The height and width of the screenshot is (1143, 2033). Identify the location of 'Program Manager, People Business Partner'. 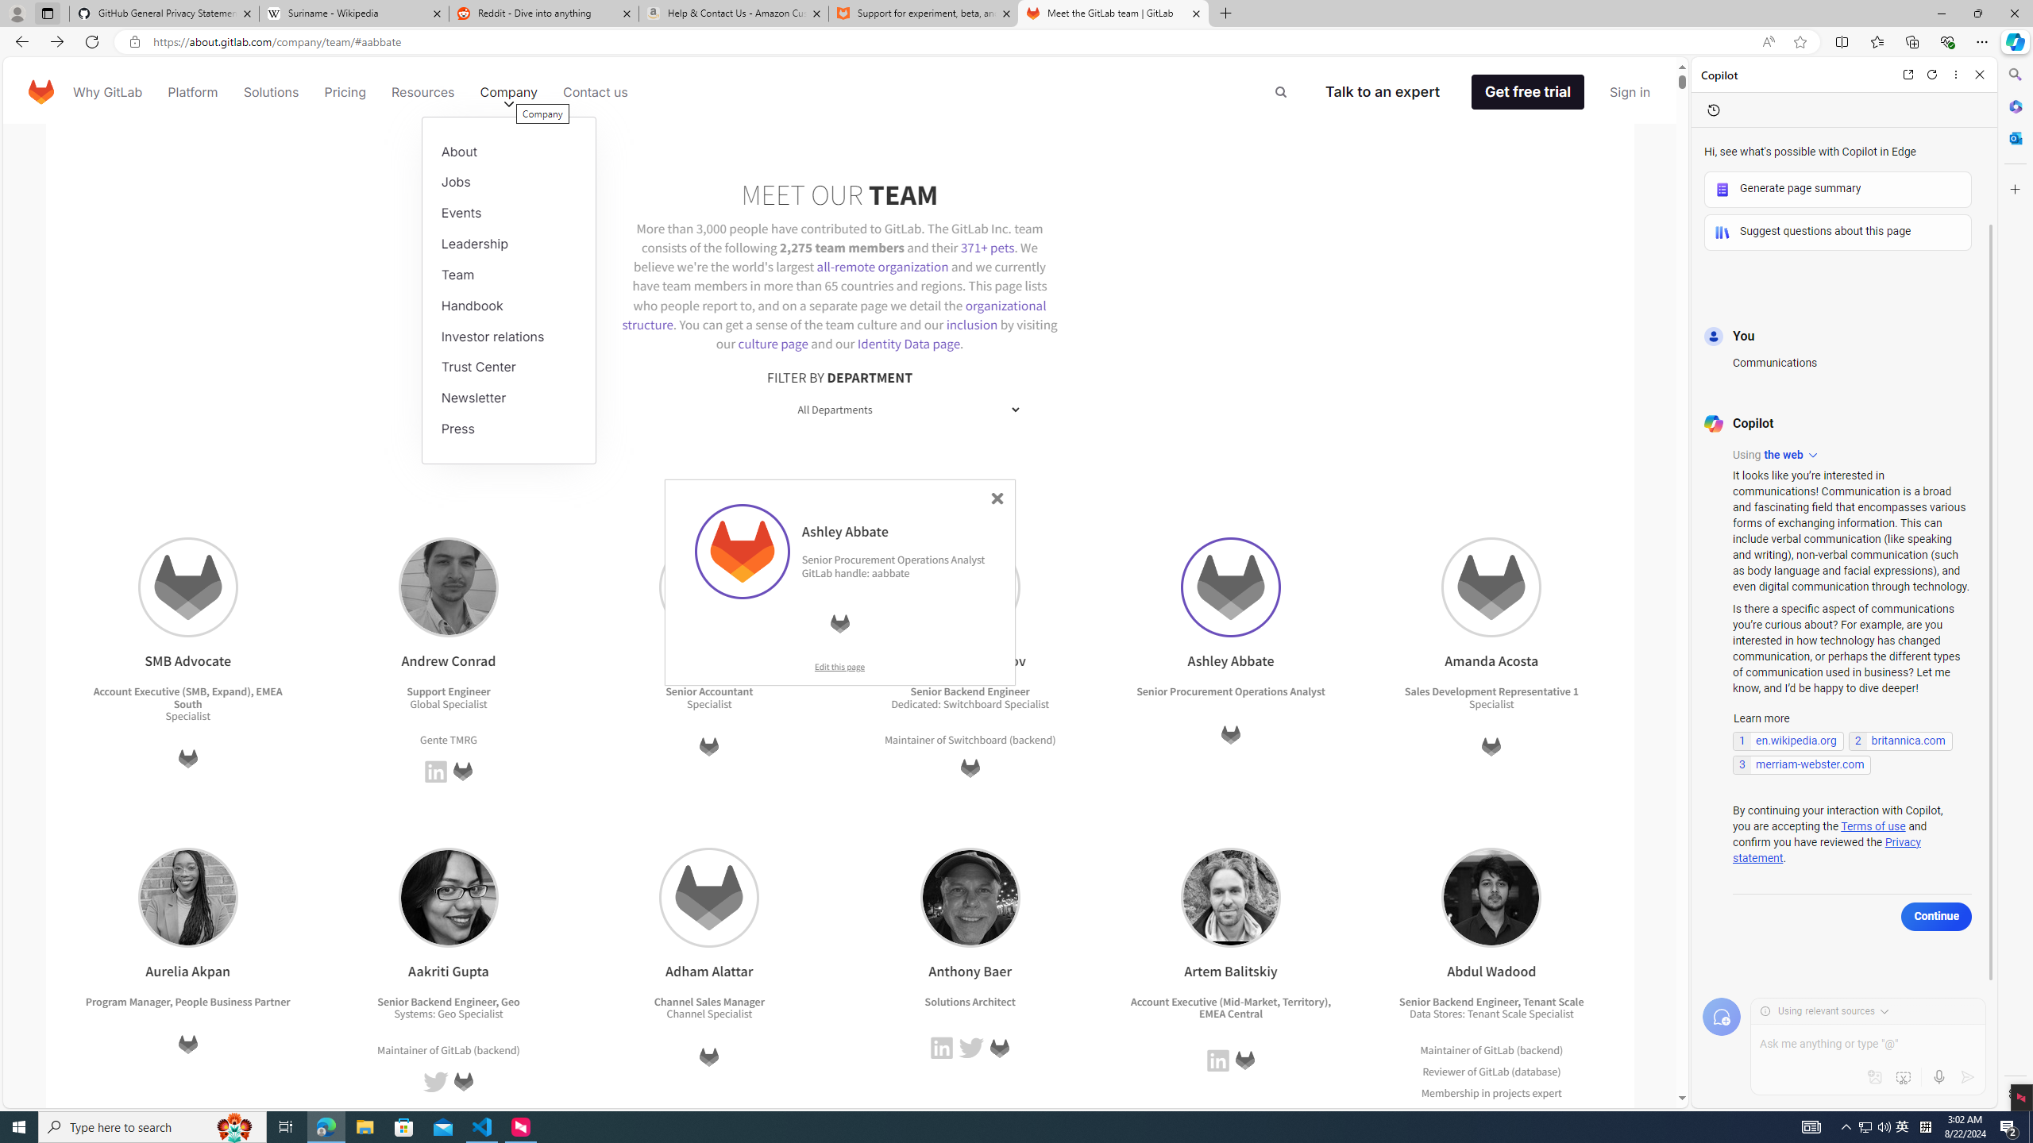
(187, 1000).